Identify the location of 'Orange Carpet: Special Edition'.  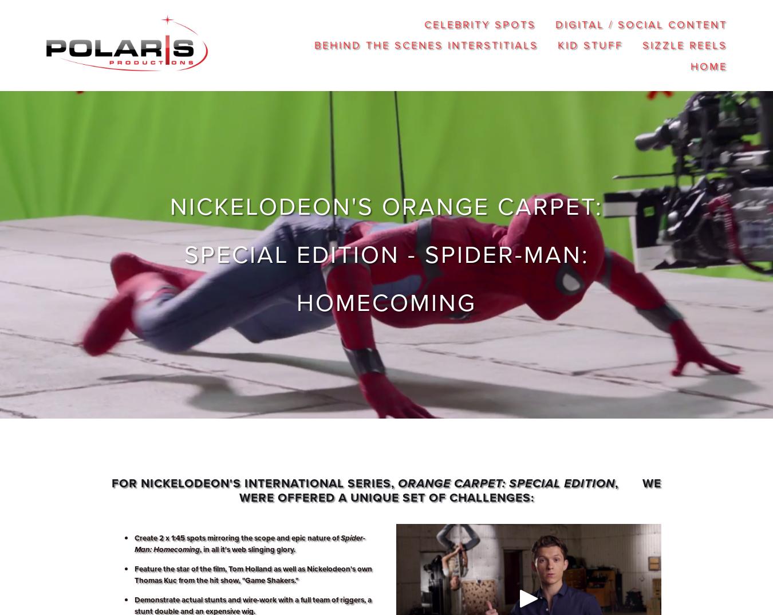
(397, 483).